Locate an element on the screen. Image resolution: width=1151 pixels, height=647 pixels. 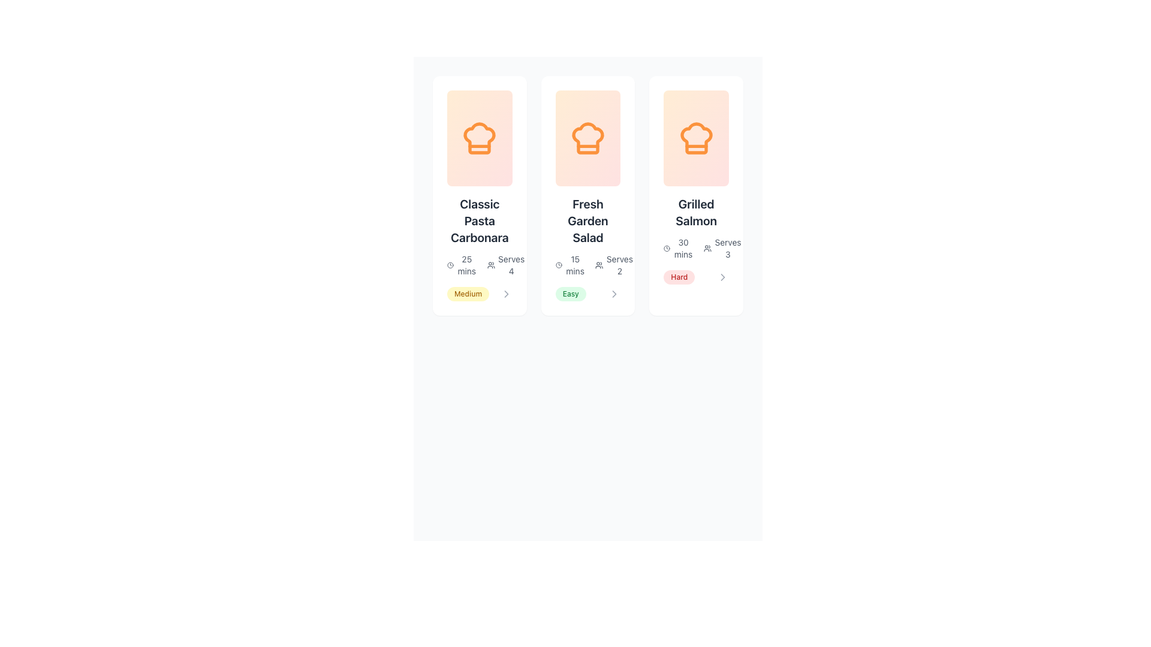
the informational text element that provides estimated preparation time and number of servings for the 'Grilled Salmon' recipe, located below the title and above the difficulty indicator labeled 'Hard' is located at coordinates (696, 248).